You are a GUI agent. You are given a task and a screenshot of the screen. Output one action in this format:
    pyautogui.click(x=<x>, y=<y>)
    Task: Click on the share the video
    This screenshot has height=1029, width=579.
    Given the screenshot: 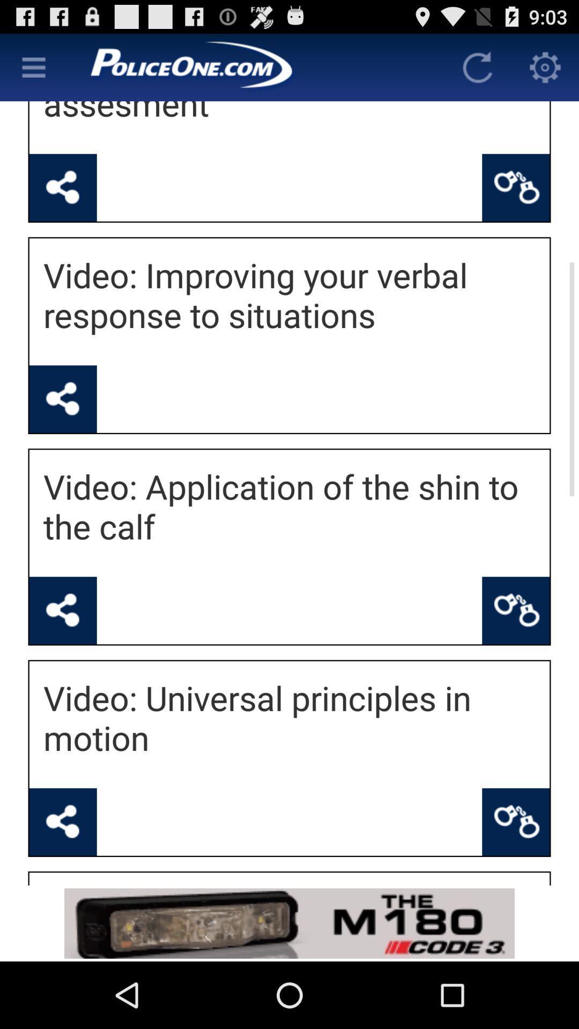 What is the action you would take?
    pyautogui.click(x=63, y=188)
    